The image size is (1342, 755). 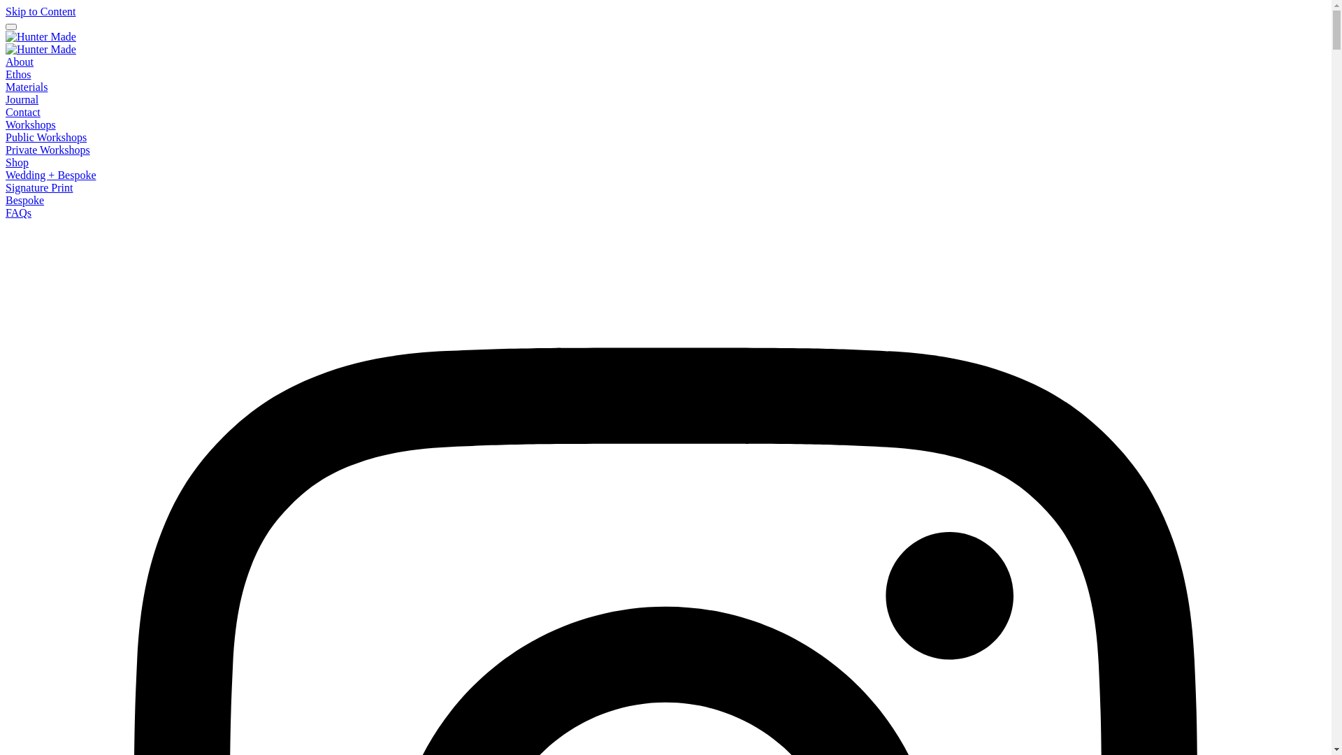 What do you see at coordinates (27, 87) in the screenshot?
I see `'Materials'` at bounding box center [27, 87].